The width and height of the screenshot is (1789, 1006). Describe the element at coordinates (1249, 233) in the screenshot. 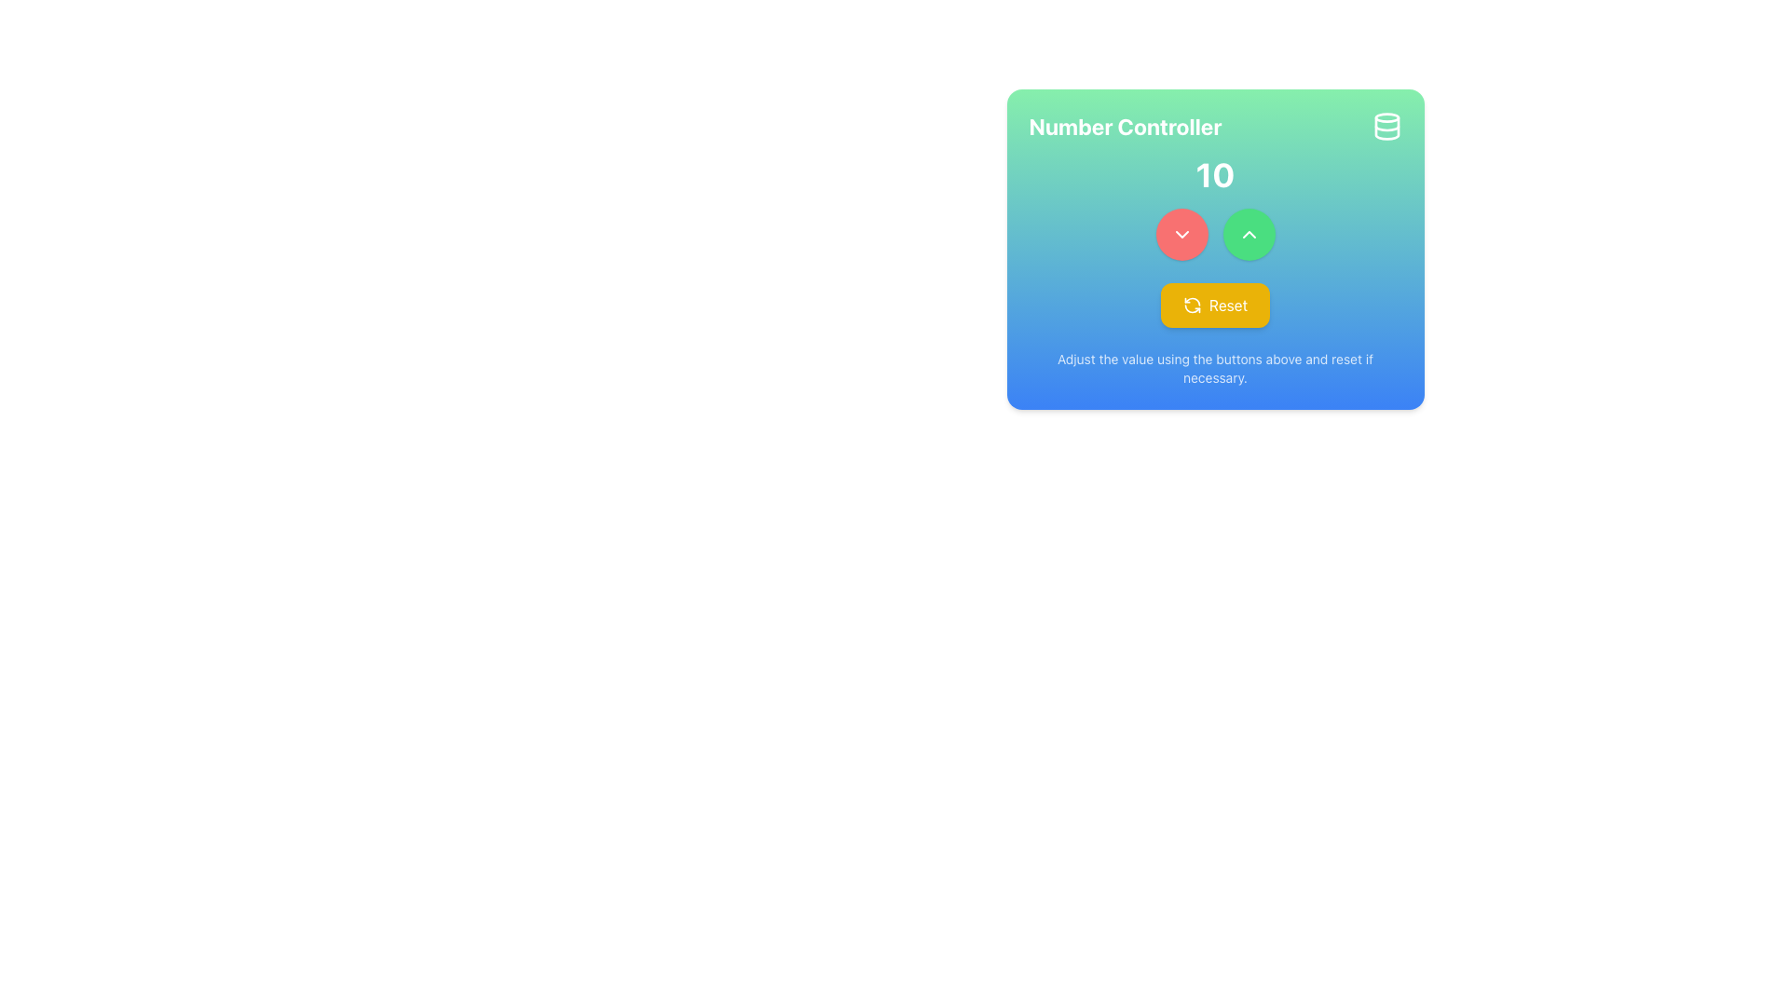

I see `the increment icon inside the green circular button located to the right of the numeric display '10' for feedback` at that location.